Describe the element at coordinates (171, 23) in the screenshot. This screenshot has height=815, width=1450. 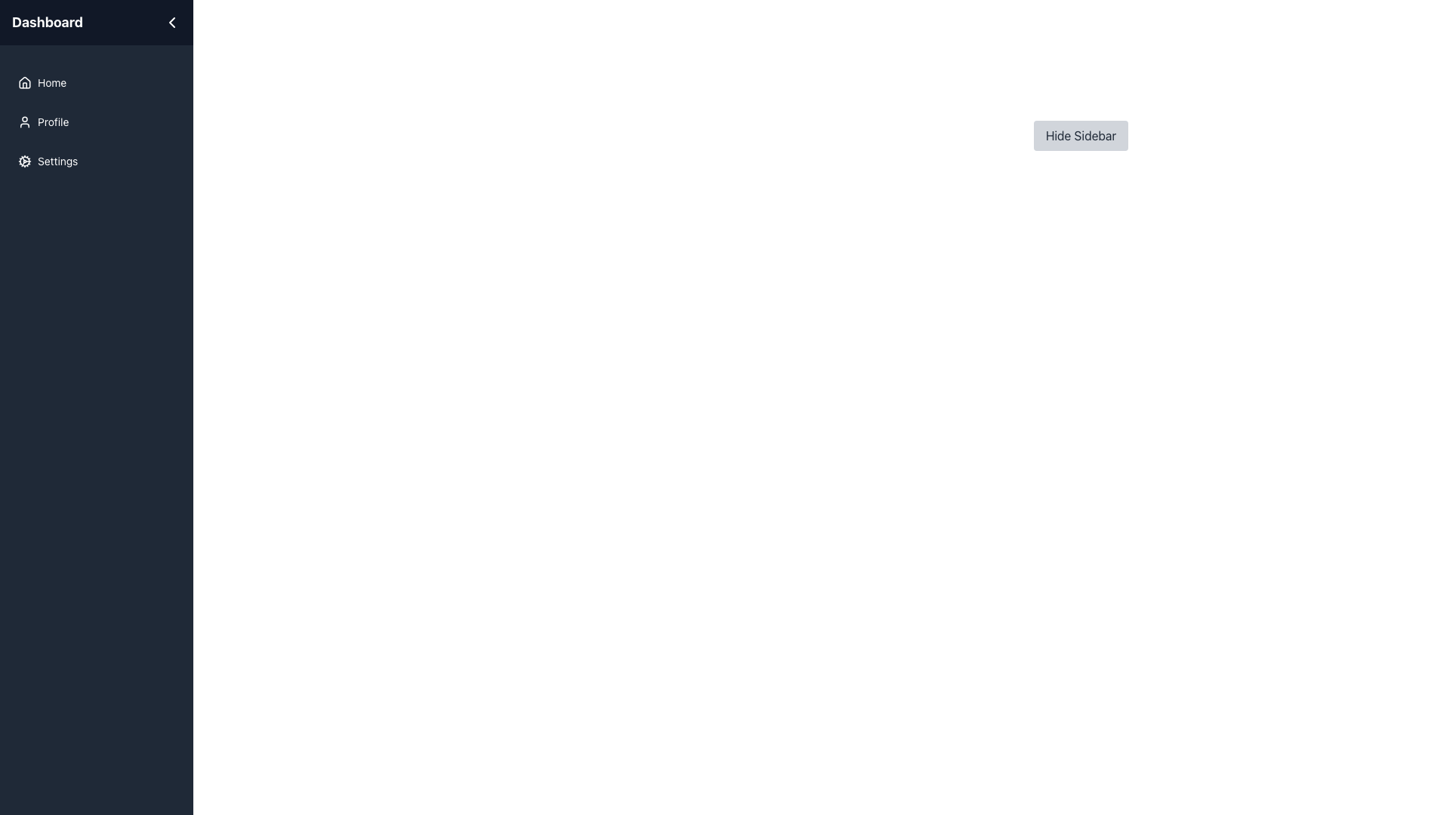
I see `the navigational button icon located at the far right of the navigation header bar, adjacent to the 'Dashboard' title` at that location.